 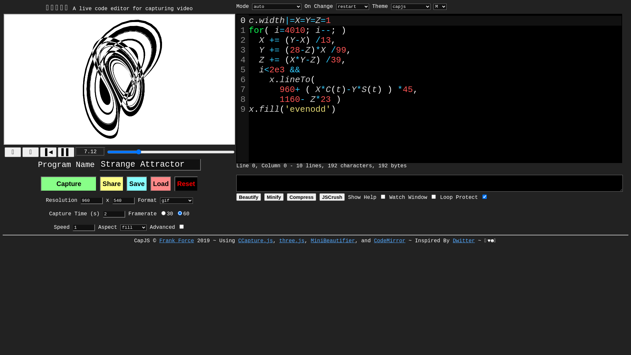 What do you see at coordinates (176, 241) in the screenshot?
I see `'Frank Force'` at bounding box center [176, 241].